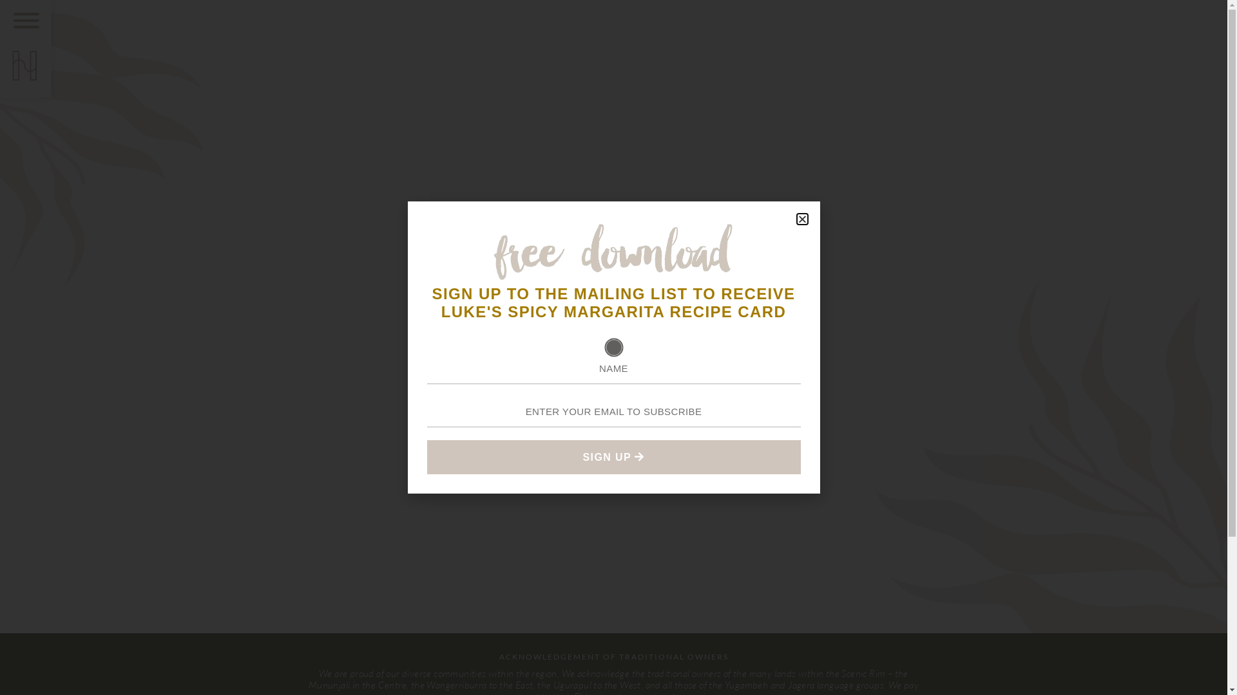 Image resolution: width=1237 pixels, height=695 pixels. Describe the element at coordinates (612, 456) in the screenshot. I see `'SIGN UP'` at that location.